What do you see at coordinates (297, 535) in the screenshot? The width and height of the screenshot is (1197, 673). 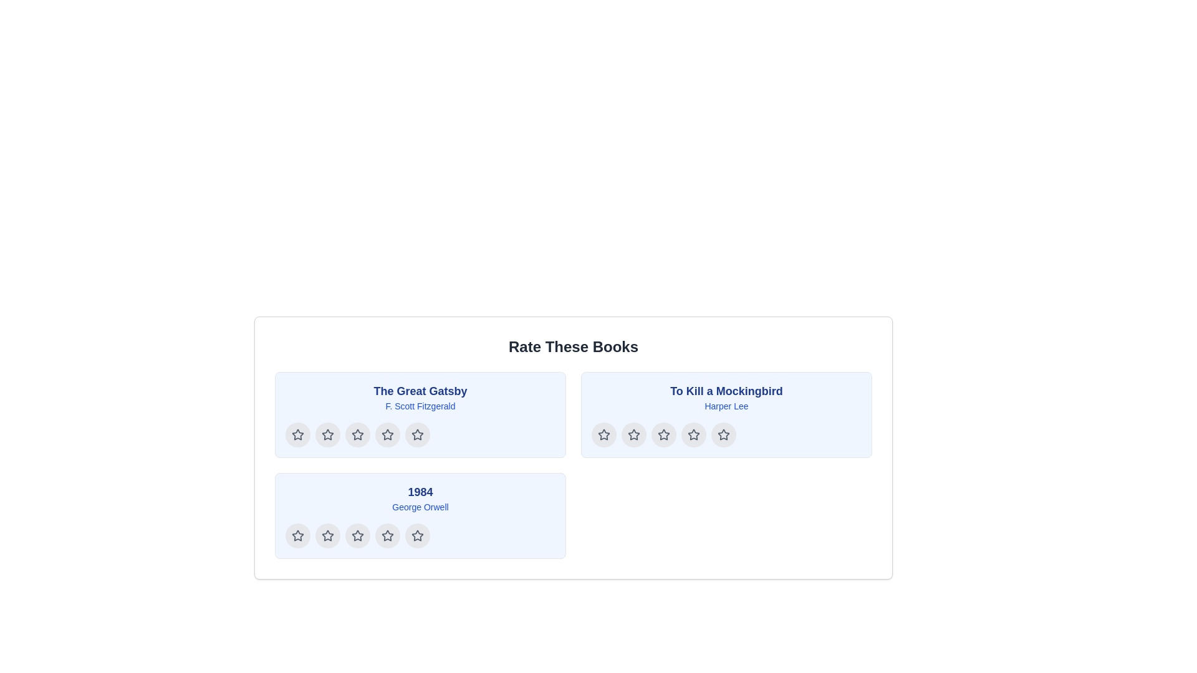 I see `the first star-shaped rating icon with a gray background located below the section labeled '1984' by George Orwell to rate` at bounding box center [297, 535].